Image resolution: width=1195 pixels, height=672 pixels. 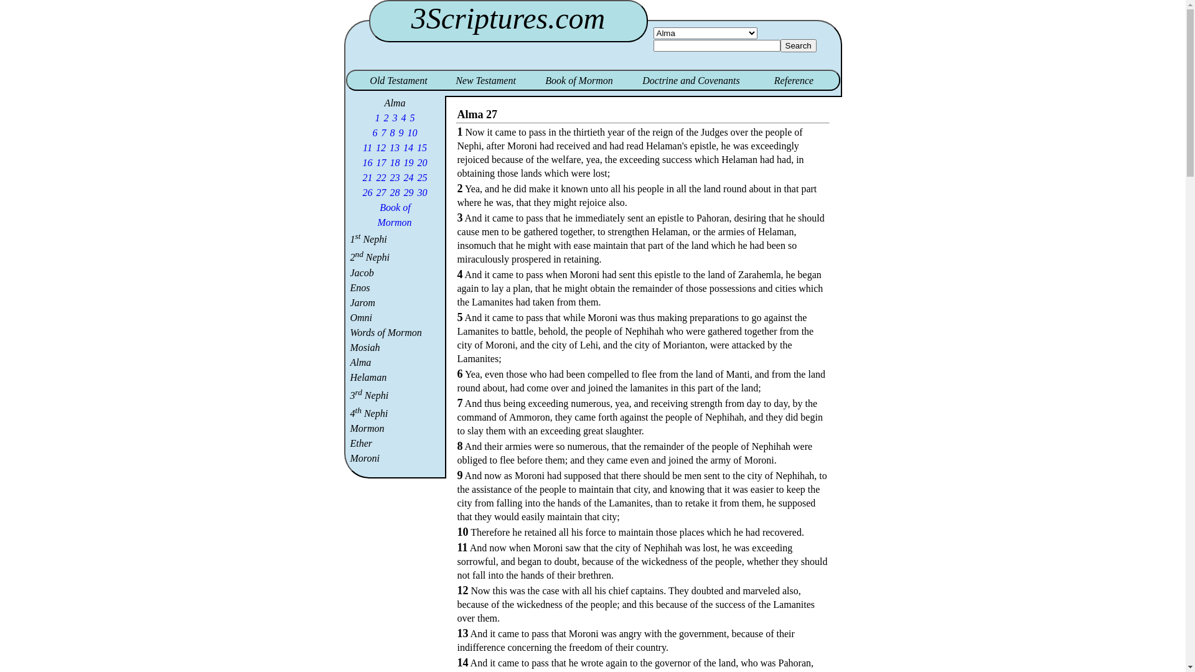 I want to click on '3Scriptures.com', so click(x=508, y=18).